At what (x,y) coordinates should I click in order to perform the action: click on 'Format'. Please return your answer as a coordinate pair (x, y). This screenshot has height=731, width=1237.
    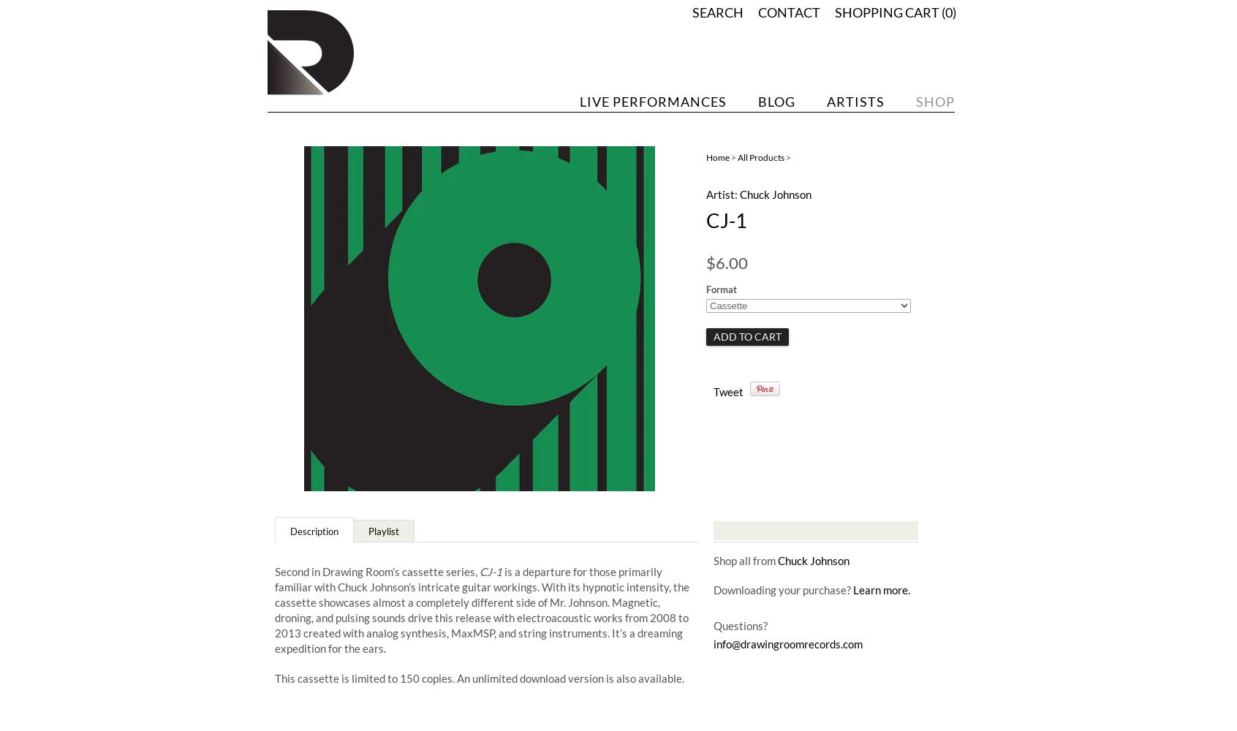
    Looking at the image, I should click on (705, 289).